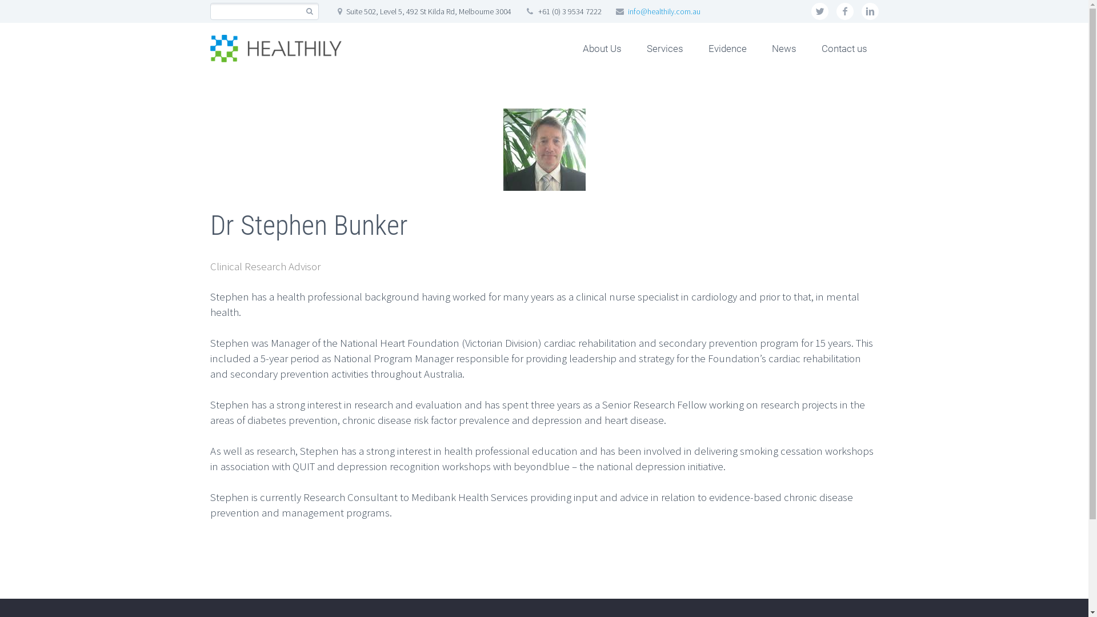 The width and height of the screenshot is (1097, 617). I want to click on 'Evidence', so click(727, 47).